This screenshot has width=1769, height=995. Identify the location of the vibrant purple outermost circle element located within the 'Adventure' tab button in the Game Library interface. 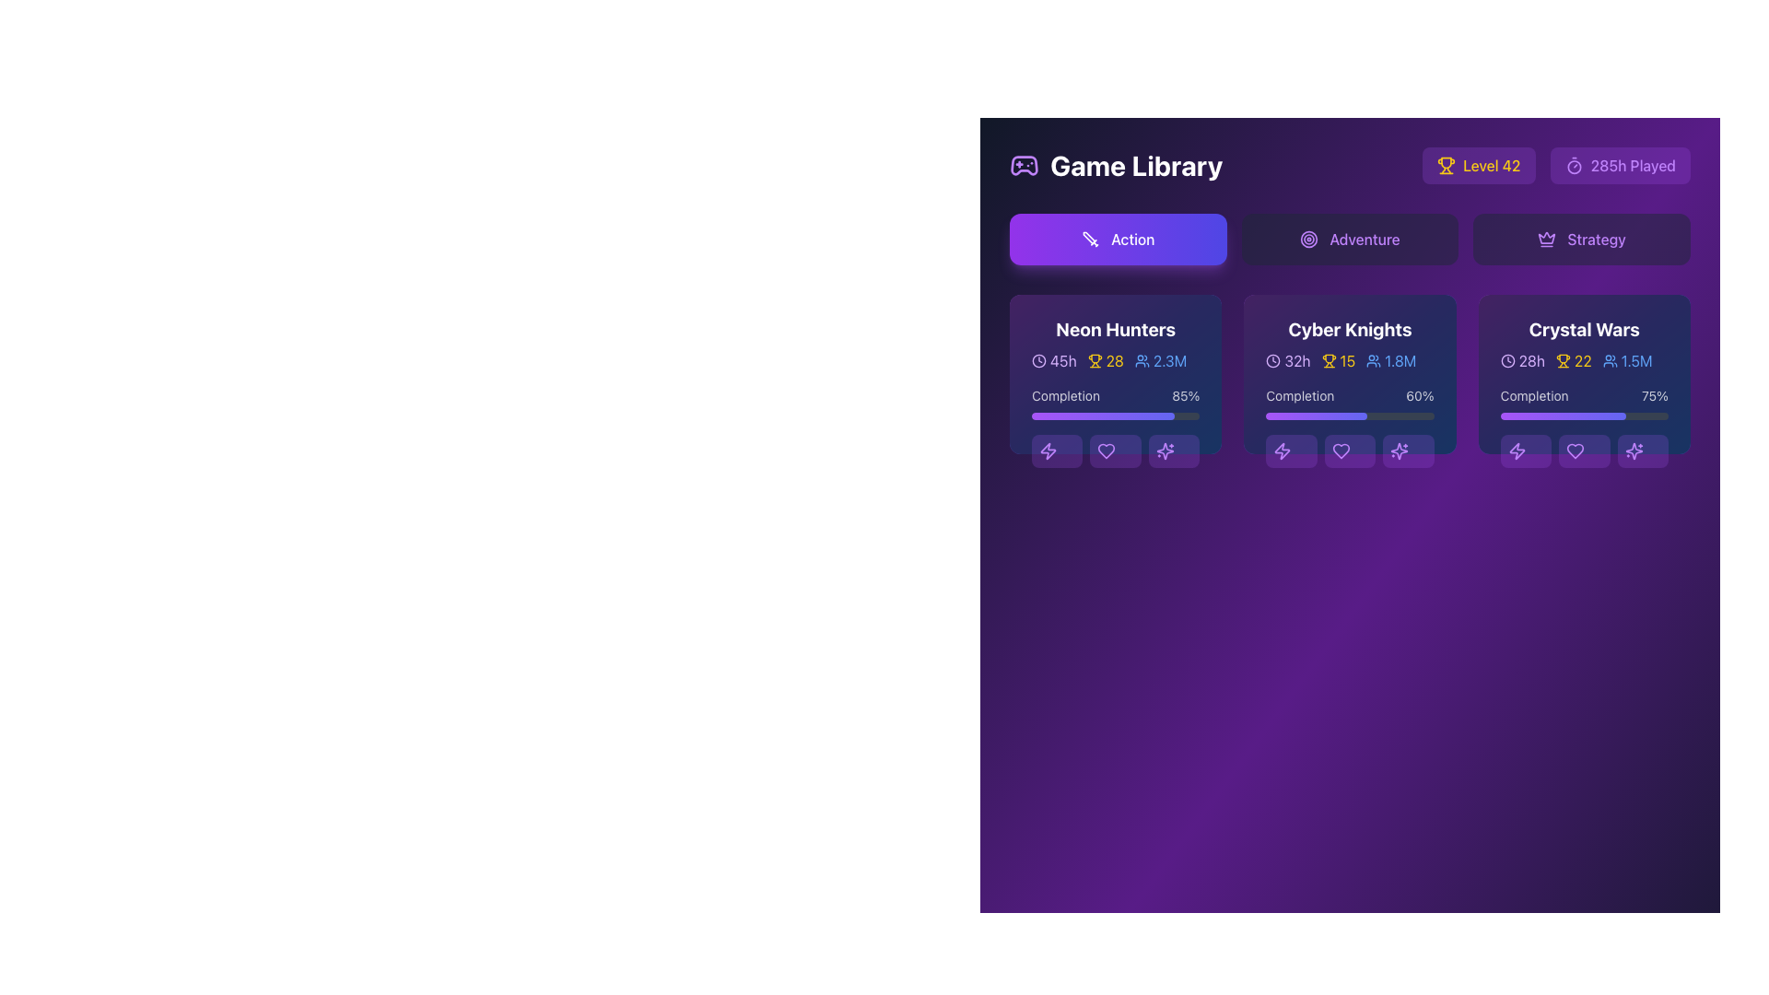
(1308, 238).